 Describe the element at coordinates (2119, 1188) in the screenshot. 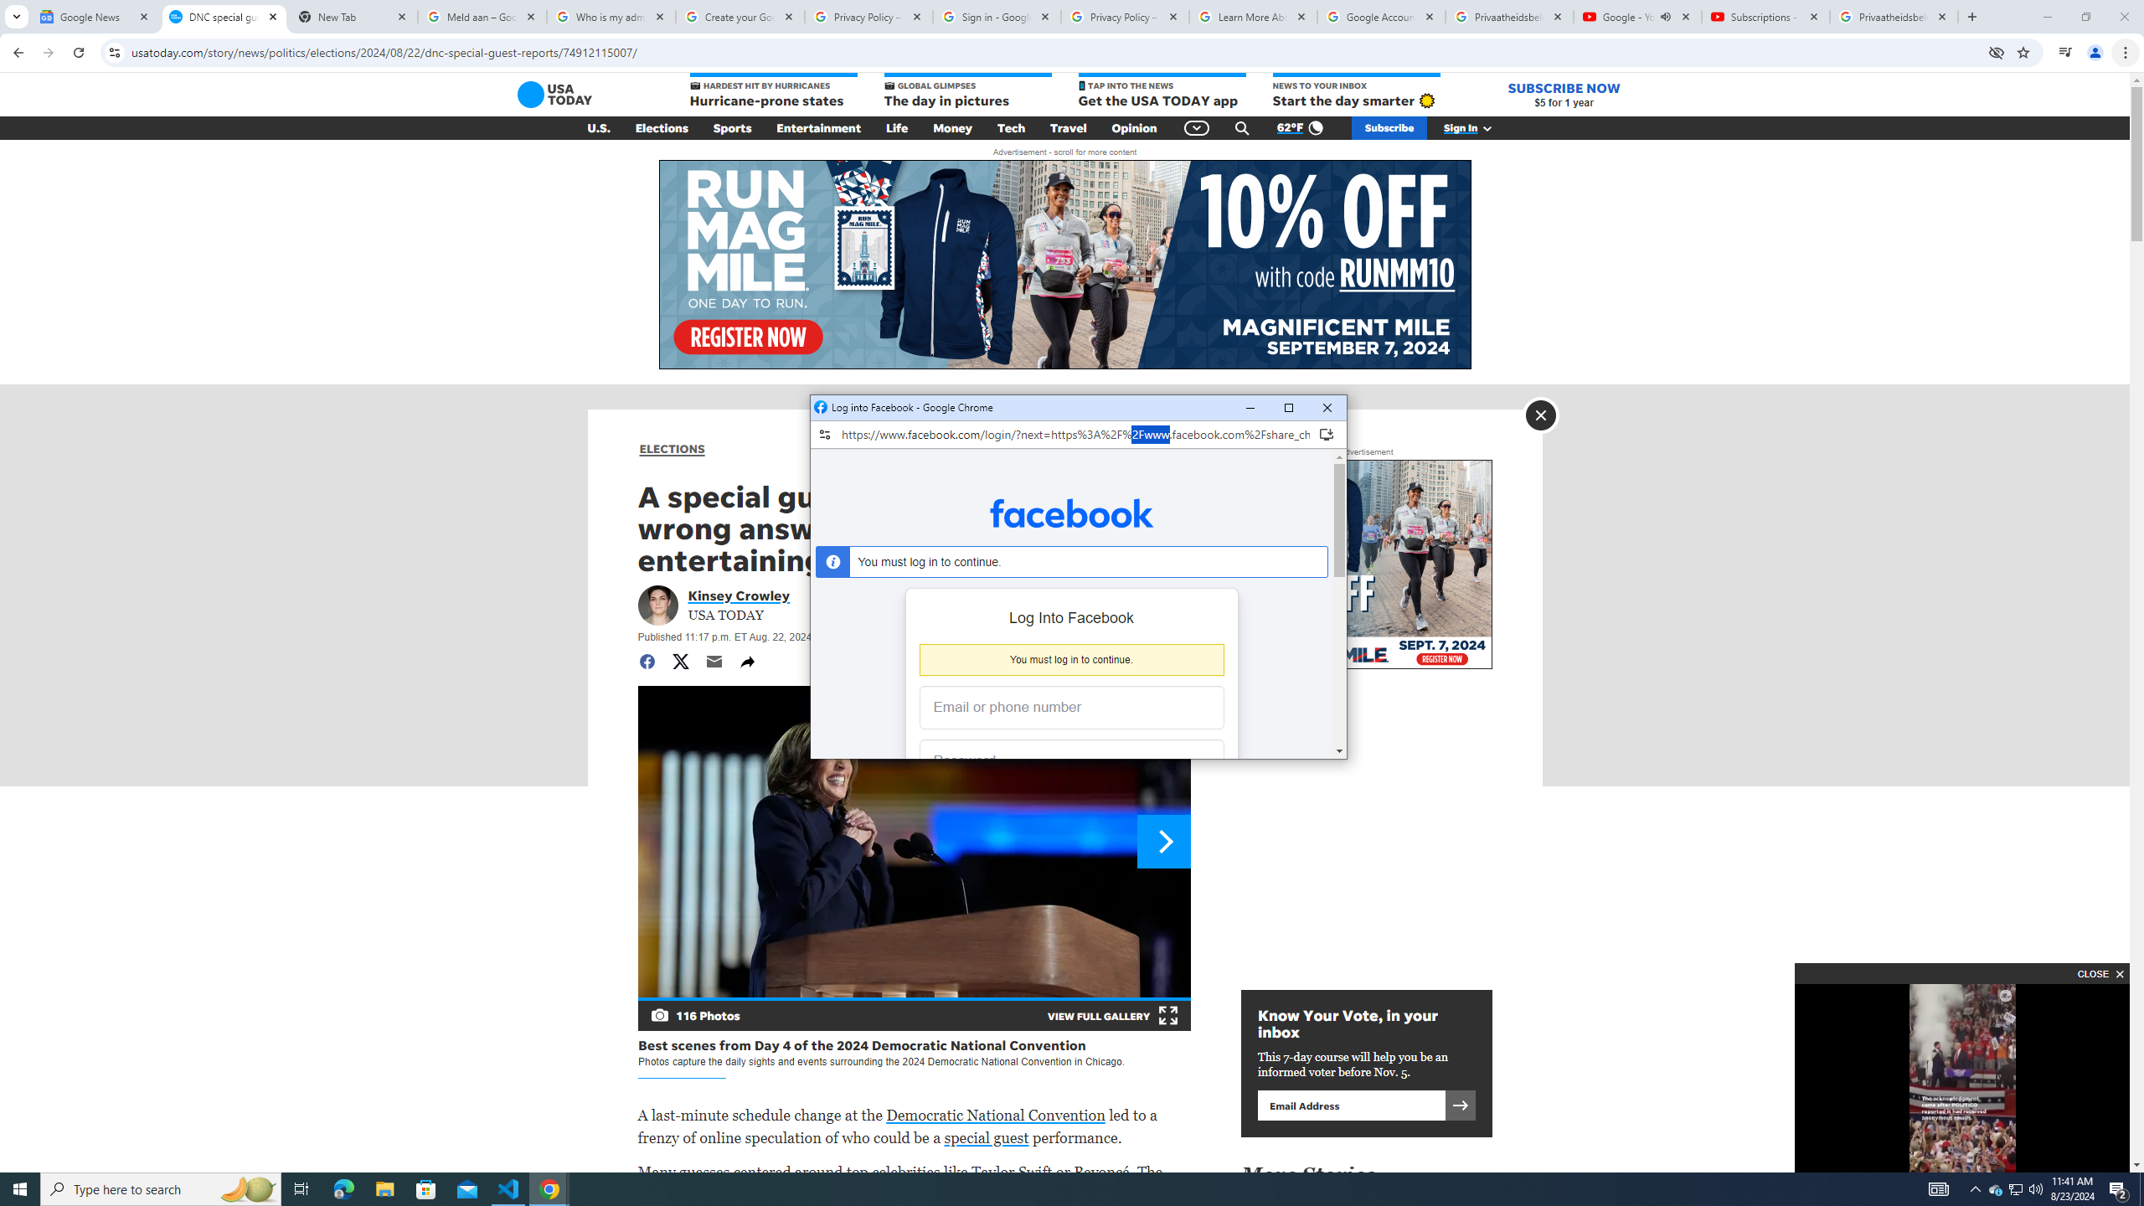

I see `'Action Center, 2 new notifications'` at that location.